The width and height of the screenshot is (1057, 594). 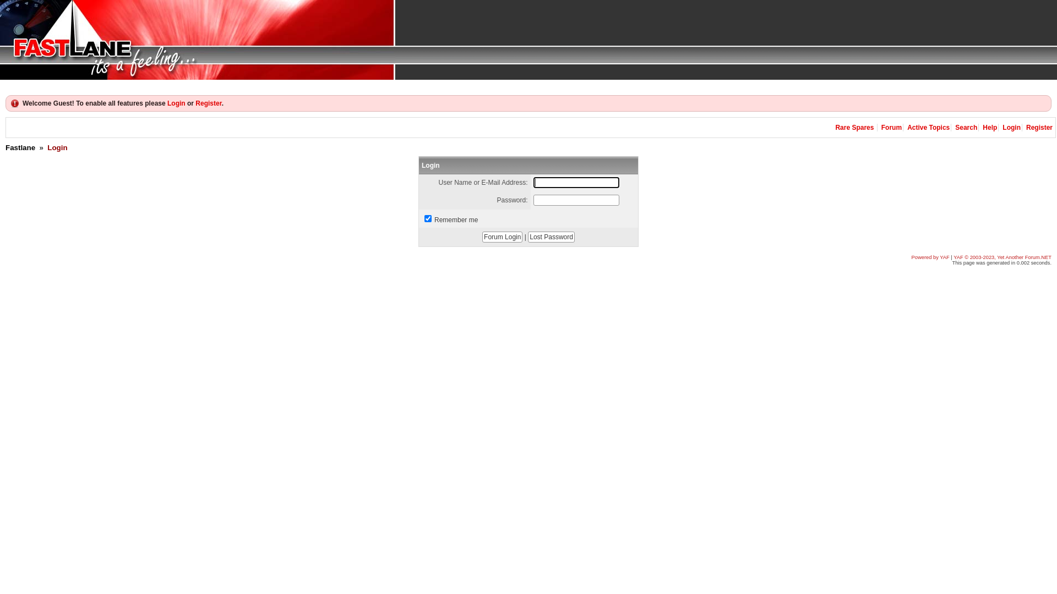 I want to click on 'Search', so click(x=966, y=127).